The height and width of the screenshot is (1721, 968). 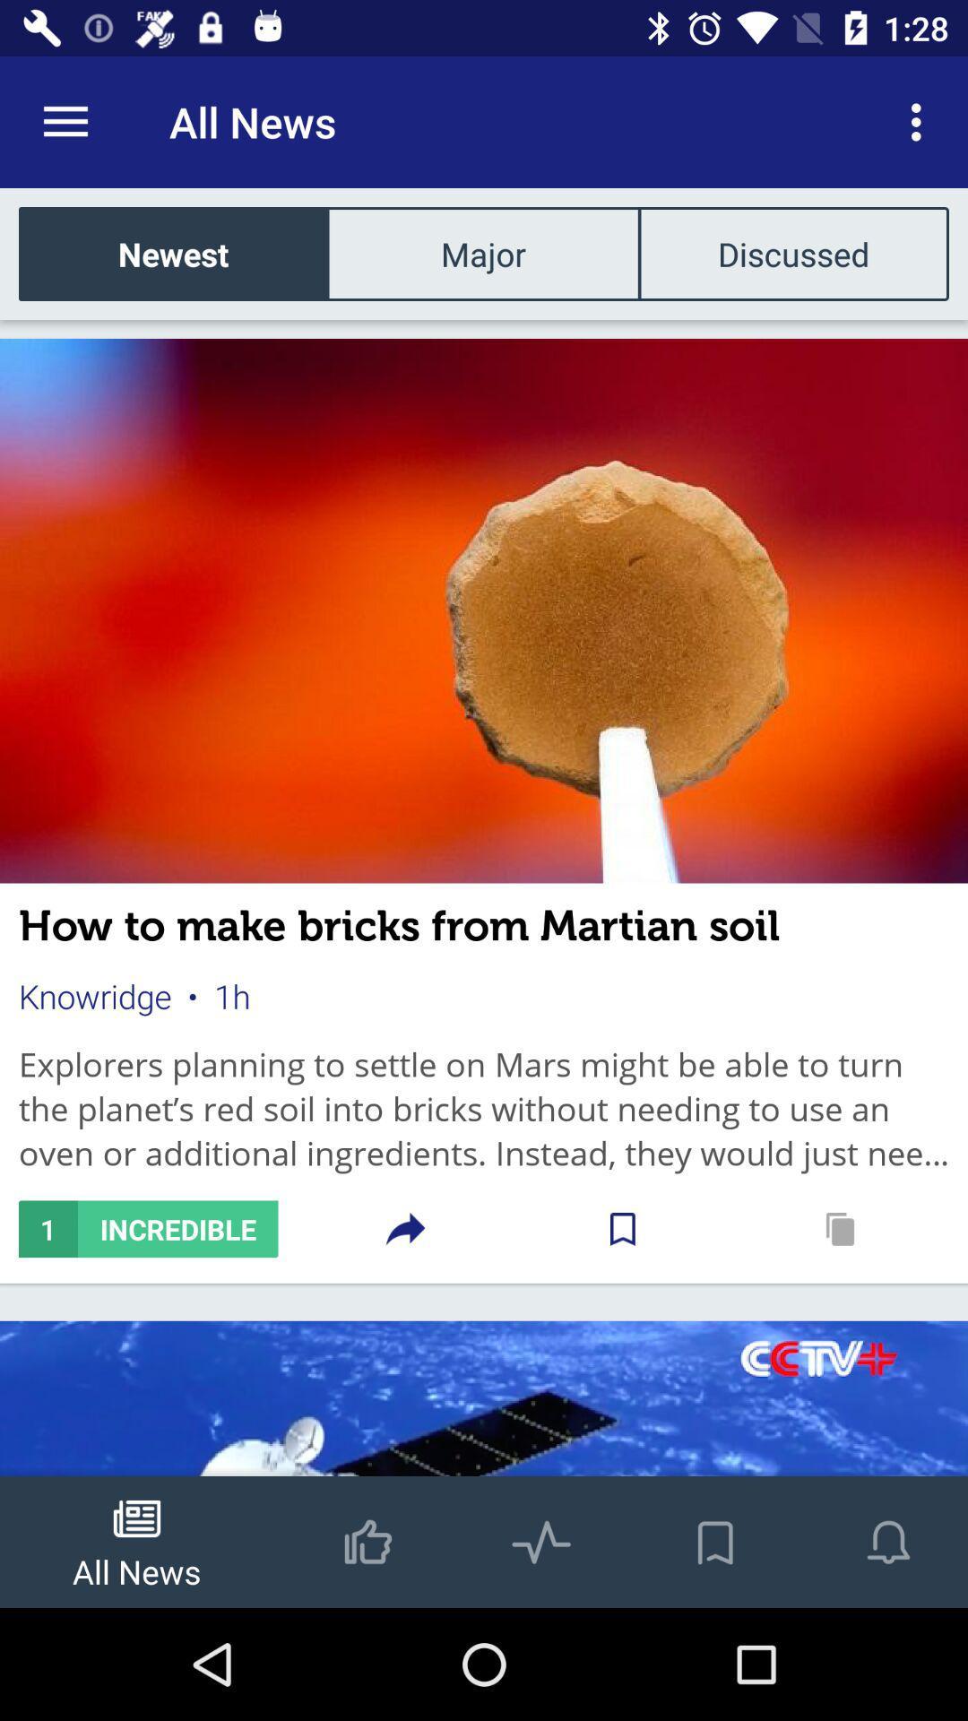 What do you see at coordinates (792, 253) in the screenshot?
I see `discussed icon` at bounding box center [792, 253].